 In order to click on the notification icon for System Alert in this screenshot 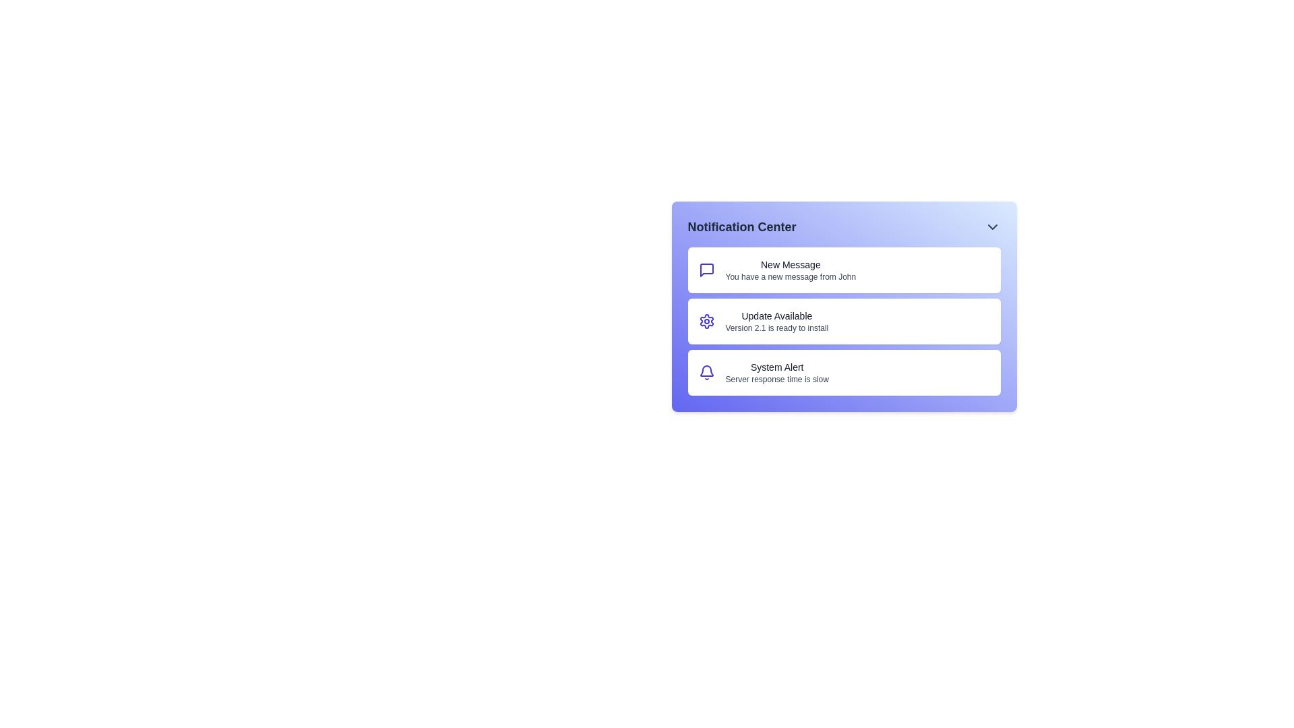, I will do `click(706, 372)`.